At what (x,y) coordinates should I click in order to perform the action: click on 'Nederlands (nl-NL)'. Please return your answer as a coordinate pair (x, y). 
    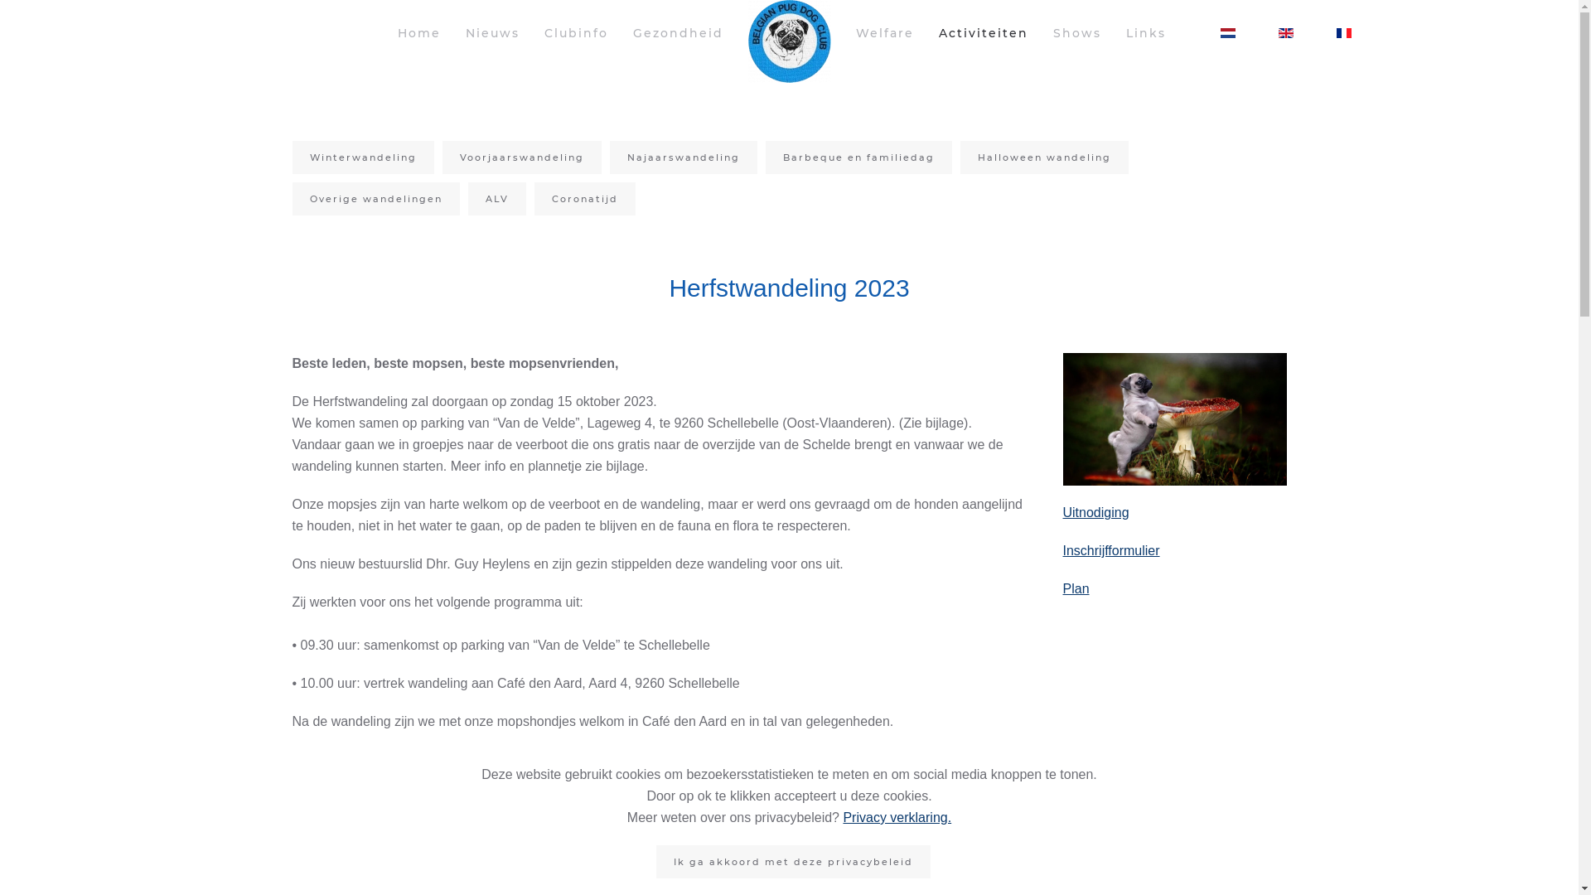
    Looking at the image, I should click on (1227, 32).